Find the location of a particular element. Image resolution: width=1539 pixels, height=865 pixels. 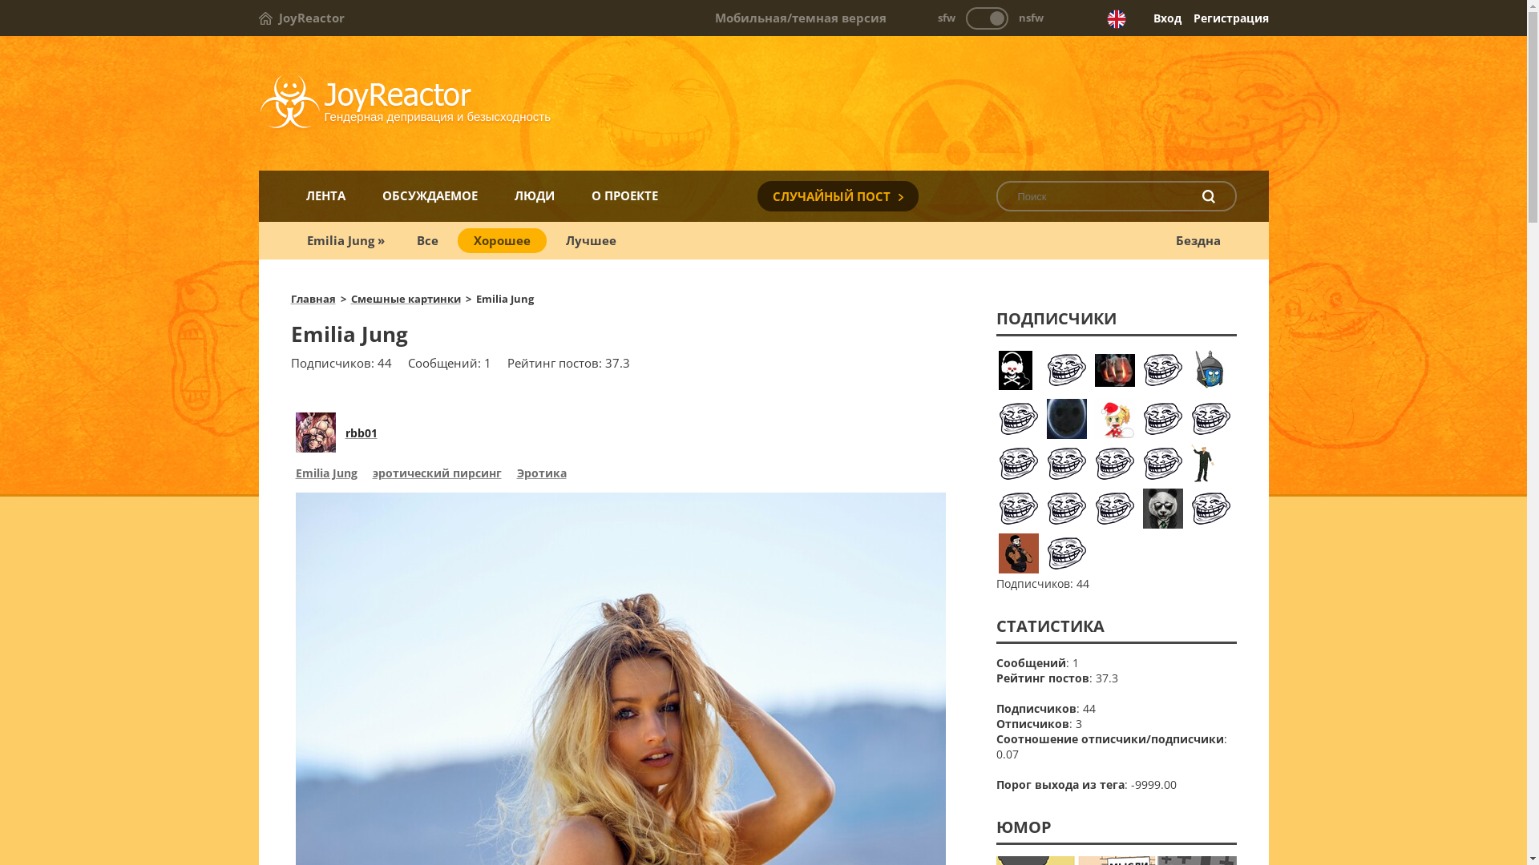

'JustName' is located at coordinates (1211, 370).